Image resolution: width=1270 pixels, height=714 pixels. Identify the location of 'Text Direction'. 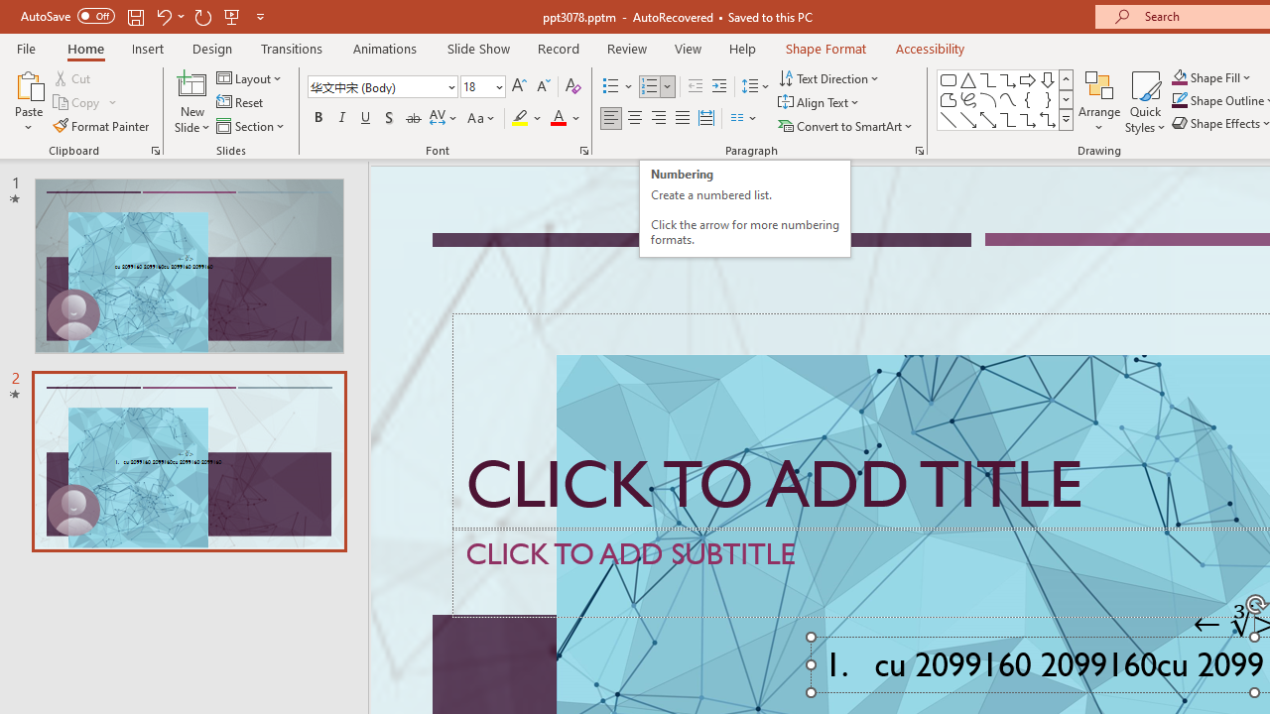
(830, 77).